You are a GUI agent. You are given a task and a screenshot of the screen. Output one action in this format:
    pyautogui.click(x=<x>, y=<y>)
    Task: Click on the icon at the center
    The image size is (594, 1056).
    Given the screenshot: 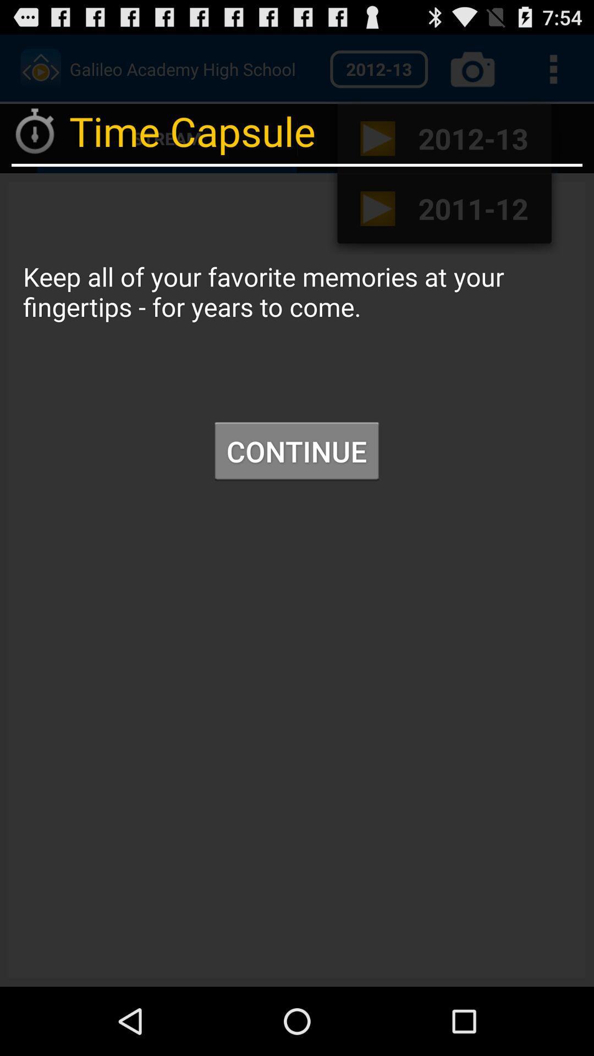 What is the action you would take?
    pyautogui.click(x=296, y=451)
    